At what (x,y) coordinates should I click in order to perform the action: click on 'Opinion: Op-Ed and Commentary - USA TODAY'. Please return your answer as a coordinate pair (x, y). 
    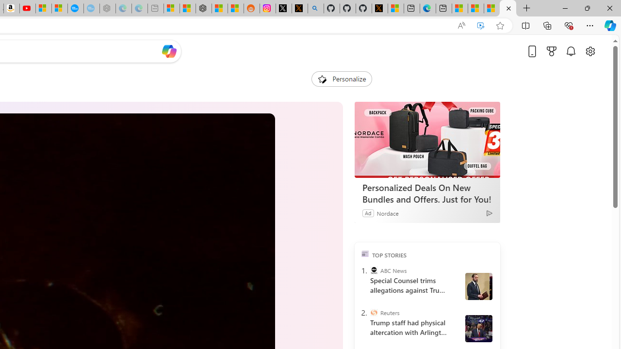
    Looking at the image, I should click on (75, 8).